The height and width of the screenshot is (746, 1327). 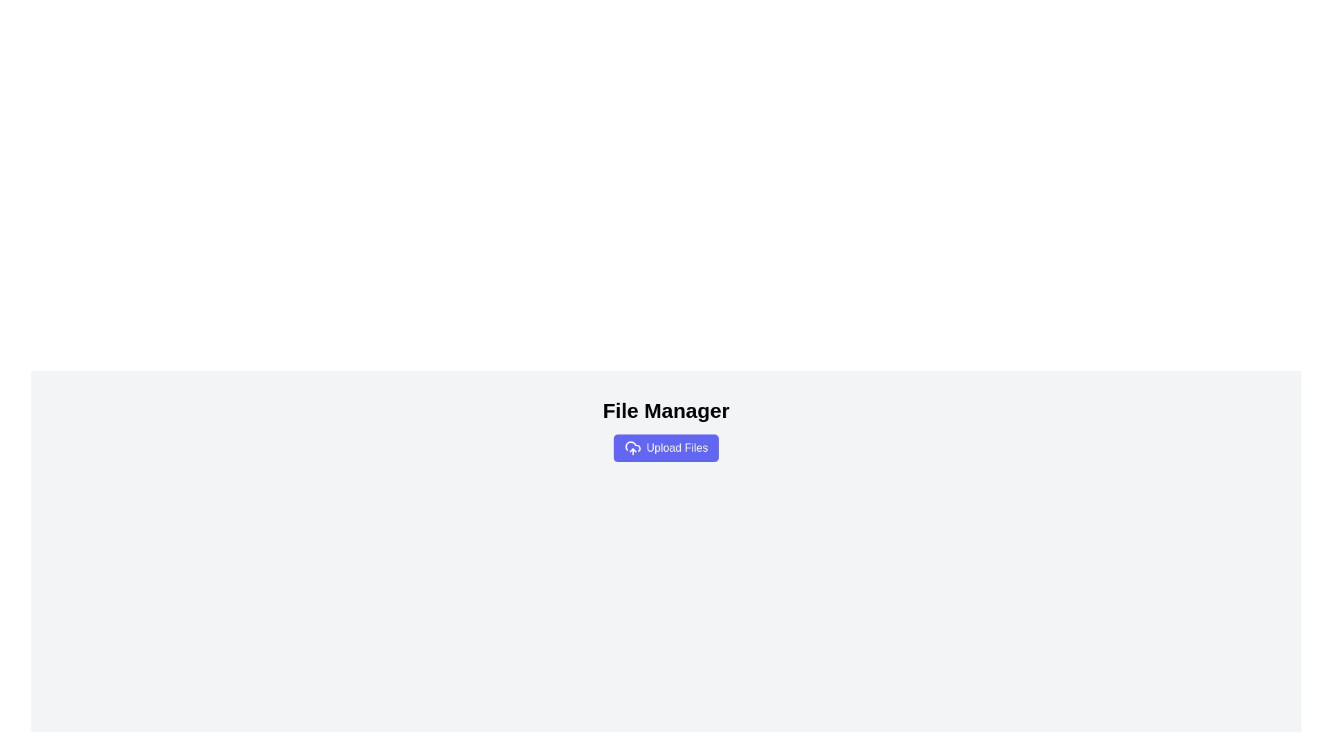 What do you see at coordinates (666, 410) in the screenshot?
I see `the 'File Manager' heading, which serves as a title indicating the purpose of the section and is centrally located above the 'Upload Files' button` at bounding box center [666, 410].